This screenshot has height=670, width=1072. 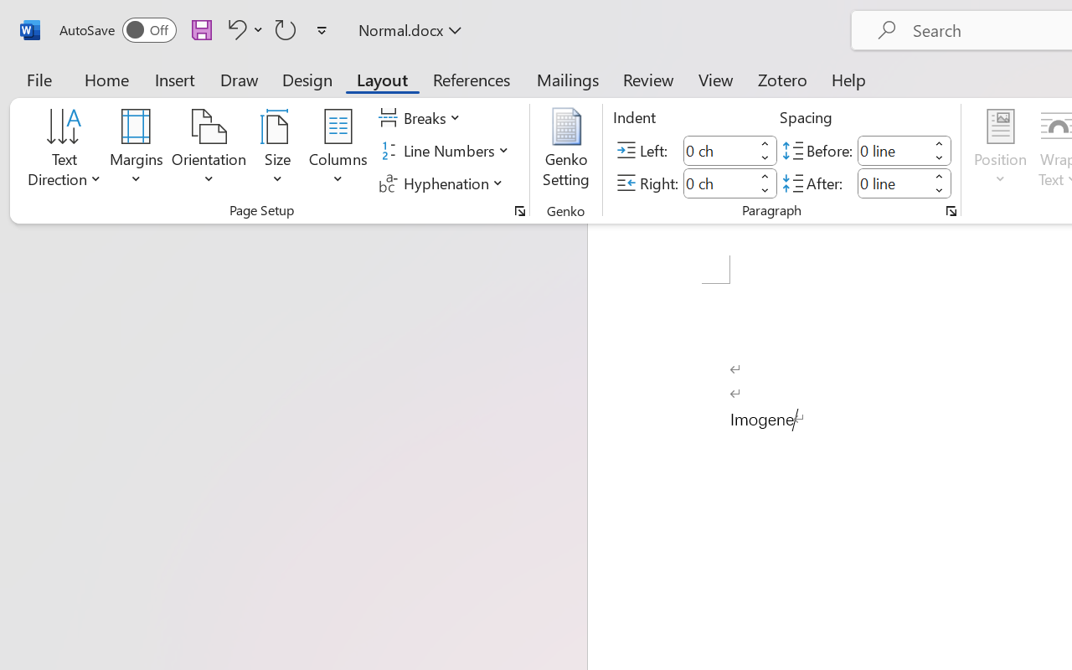 What do you see at coordinates (443, 183) in the screenshot?
I see `'Hyphenation'` at bounding box center [443, 183].